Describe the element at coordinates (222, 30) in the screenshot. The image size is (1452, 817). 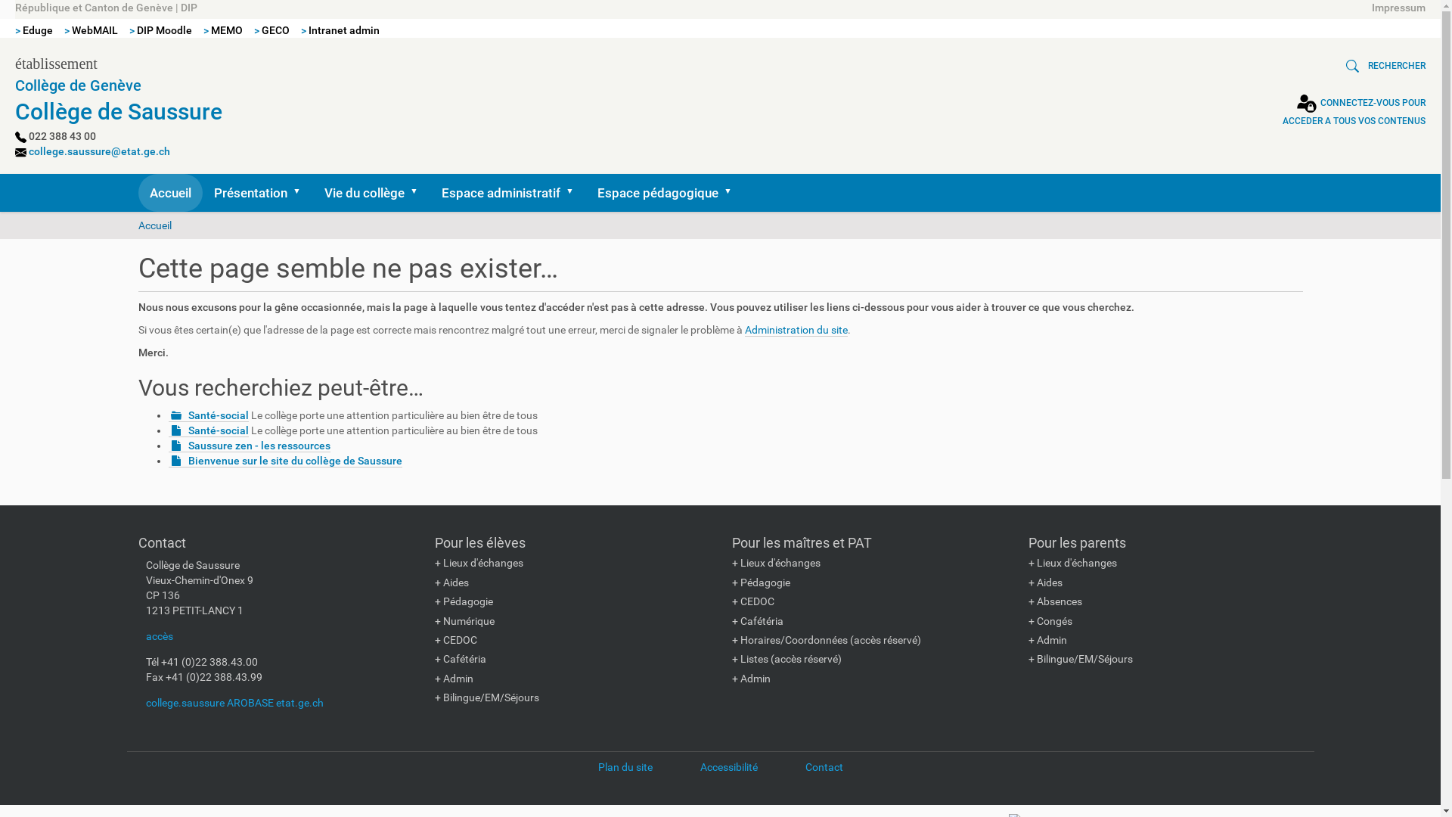
I see `'> MEMO'` at that location.